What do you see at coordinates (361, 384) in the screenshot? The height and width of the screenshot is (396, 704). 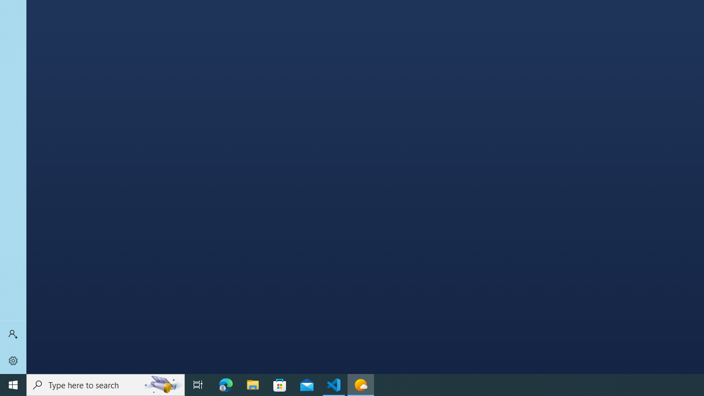 I see `'Weather - 1 running window'` at bounding box center [361, 384].